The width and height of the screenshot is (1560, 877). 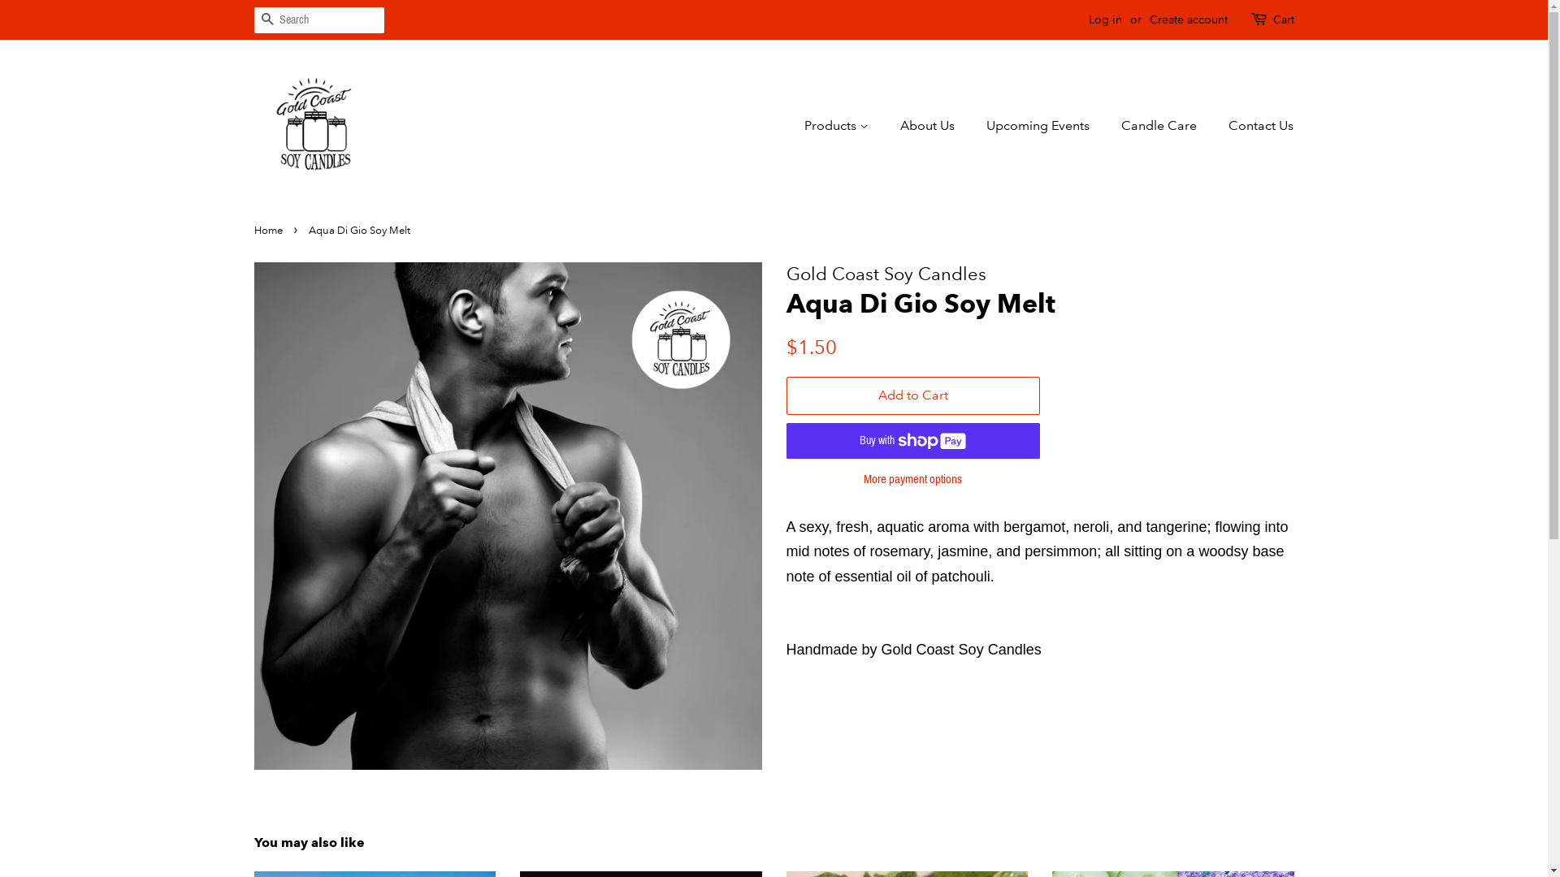 What do you see at coordinates (1188, 19) in the screenshot?
I see `'Create account'` at bounding box center [1188, 19].